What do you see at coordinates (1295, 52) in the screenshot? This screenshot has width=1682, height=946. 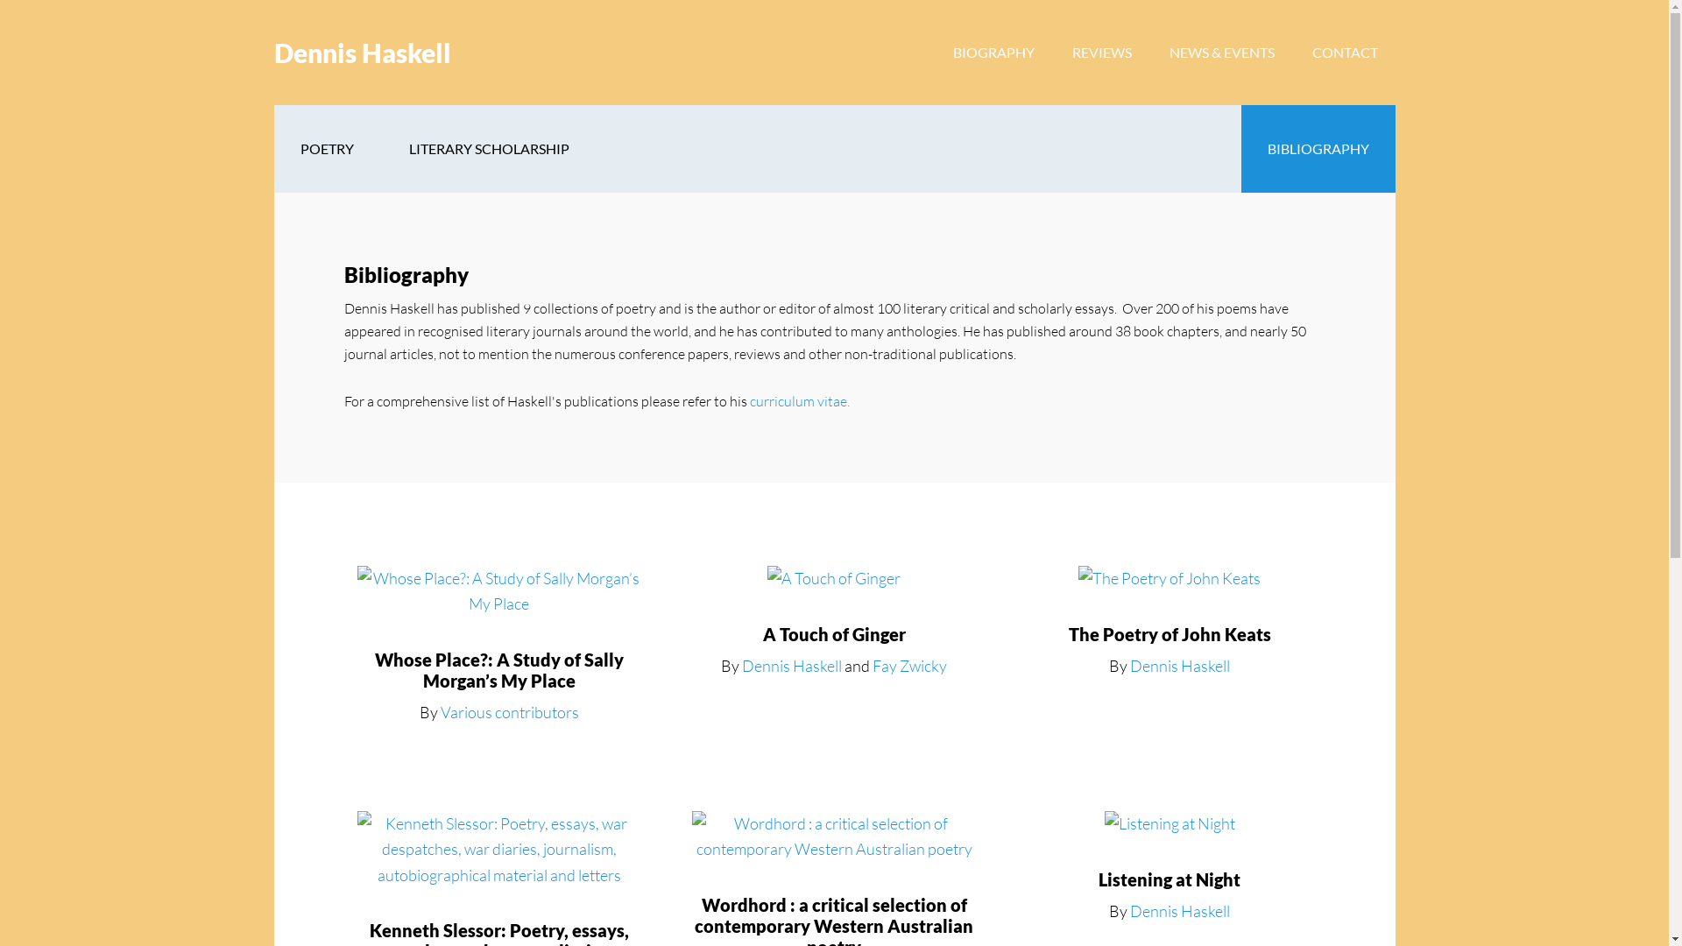 I see `'CONTACT'` at bounding box center [1295, 52].